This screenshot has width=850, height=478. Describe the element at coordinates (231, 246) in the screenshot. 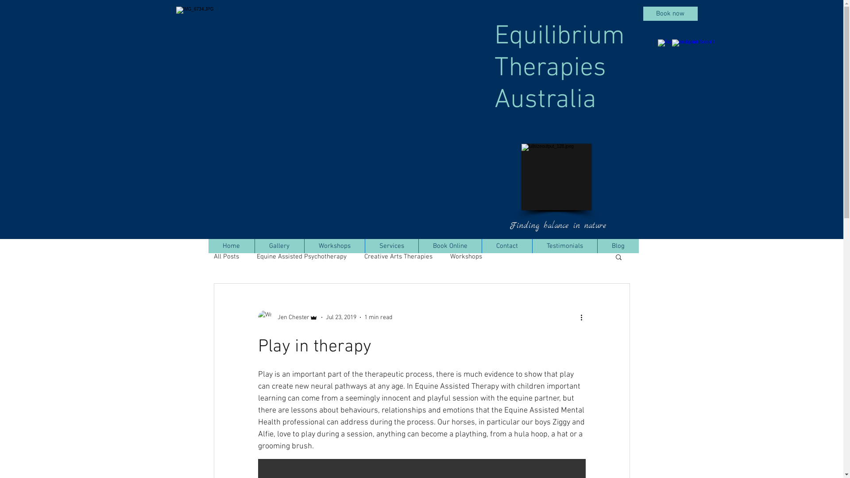

I see `'Home'` at that location.